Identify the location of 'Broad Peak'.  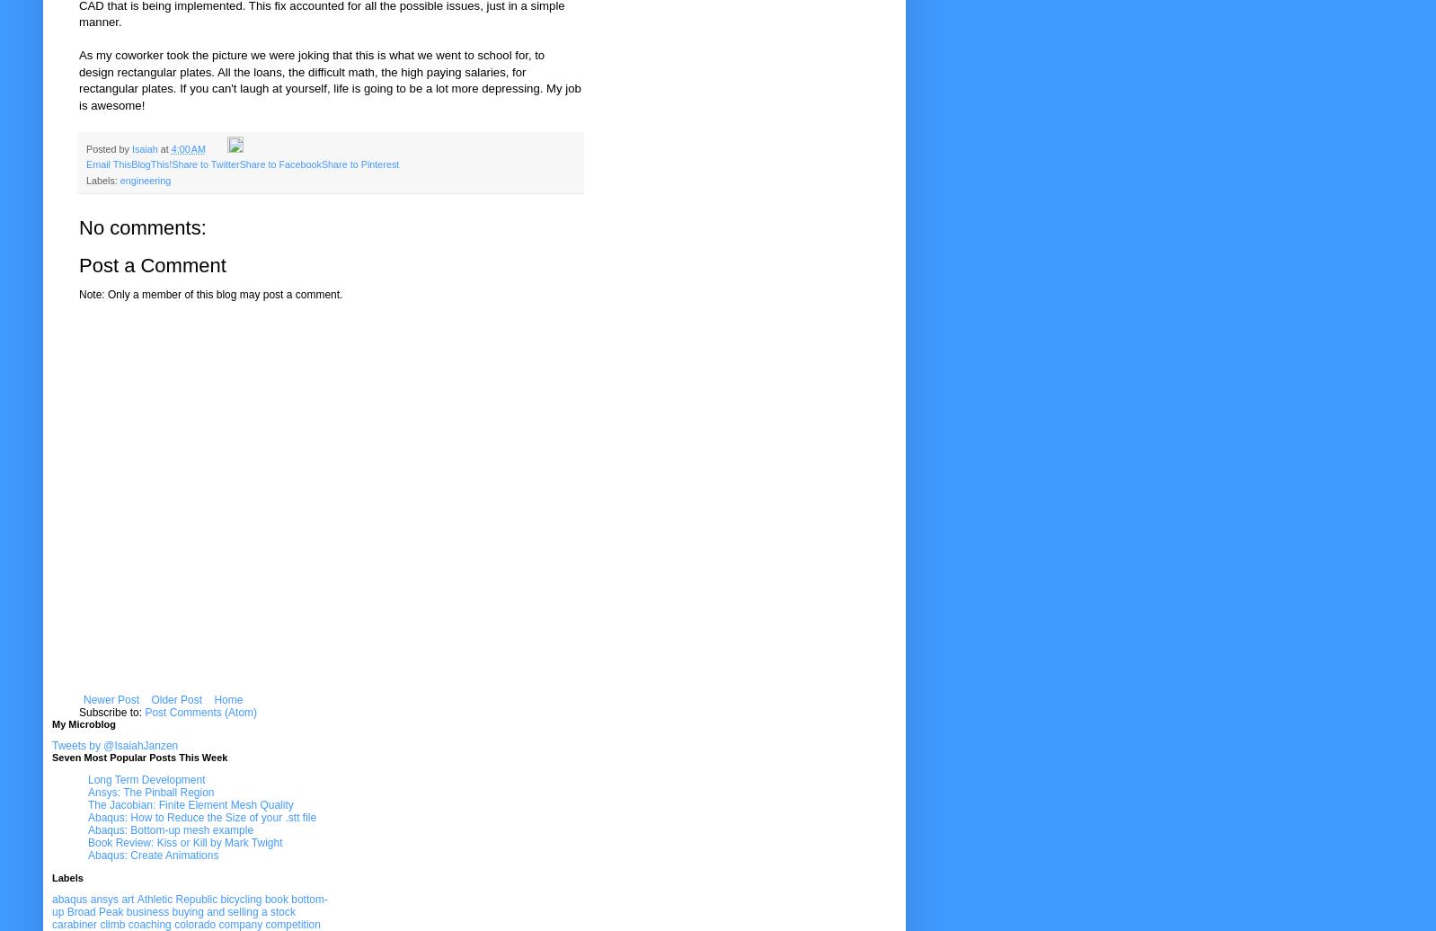
(93, 911).